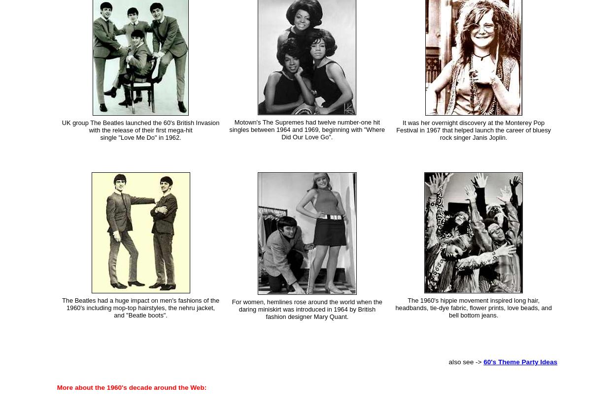  I want to click on 'It was her overnight discovery at the Monterey Pop Festival in 1967 that helped launch the career of bluesy rock singer Janis Joplin.', so click(473, 129).